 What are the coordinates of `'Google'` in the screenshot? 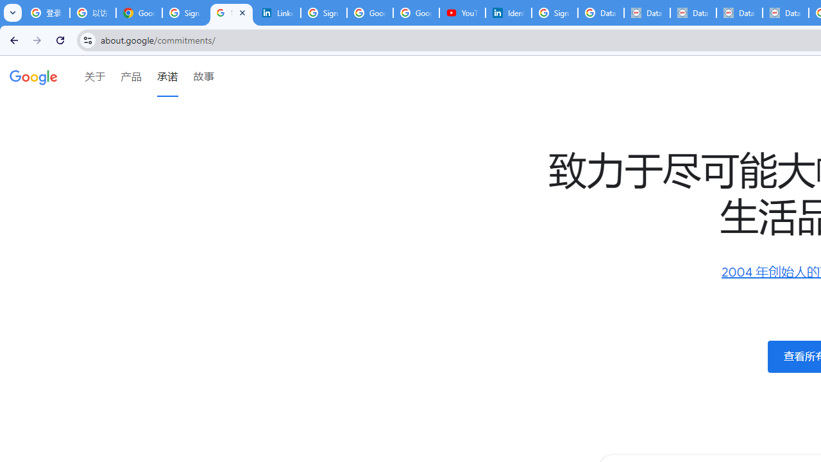 It's located at (33, 76).